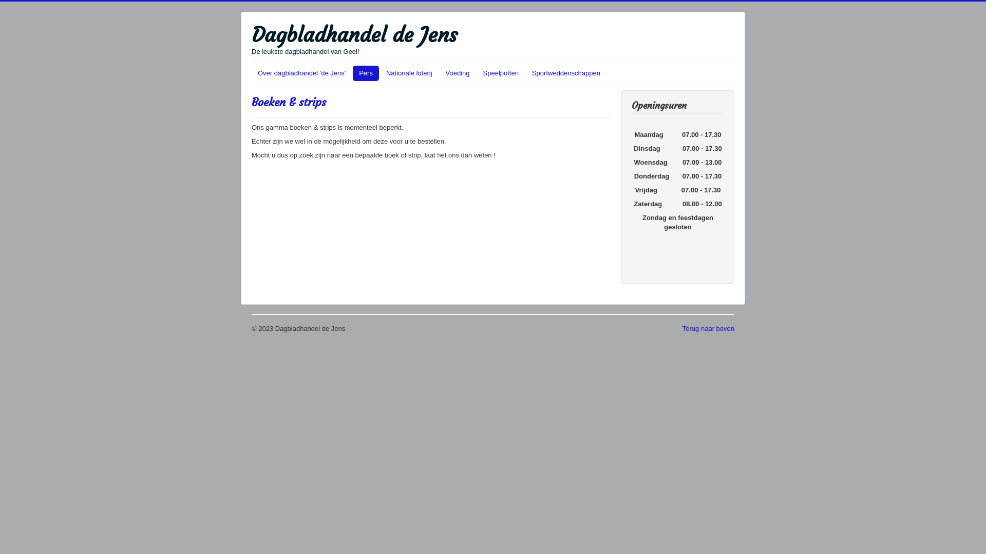  What do you see at coordinates (565, 72) in the screenshot?
I see `'Sportweddenschappen'` at bounding box center [565, 72].